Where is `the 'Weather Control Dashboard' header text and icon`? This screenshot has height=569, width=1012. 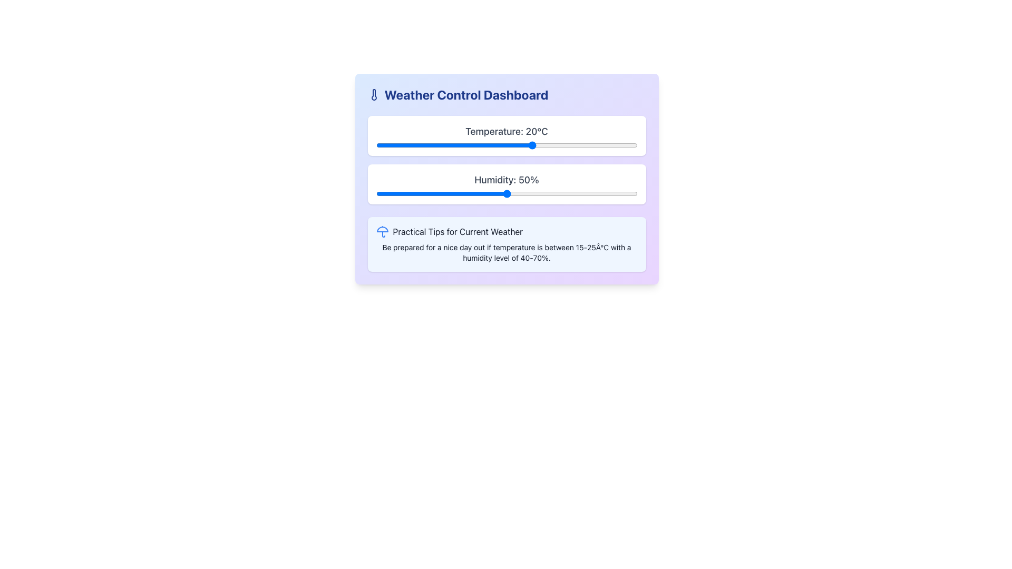 the 'Weather Control Dashboard' header text and icon is located at coordinates (507, 95).